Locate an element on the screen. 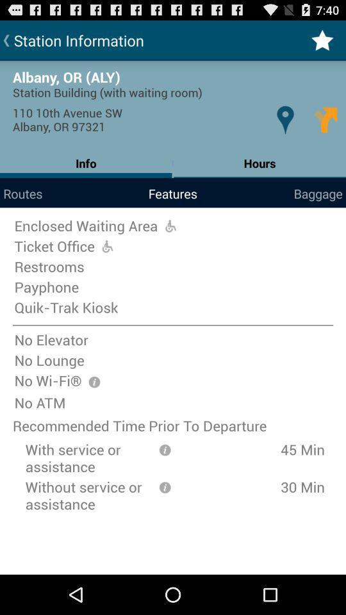  the icon next to the 110 10th avenue is located at coordinates (285, 120).